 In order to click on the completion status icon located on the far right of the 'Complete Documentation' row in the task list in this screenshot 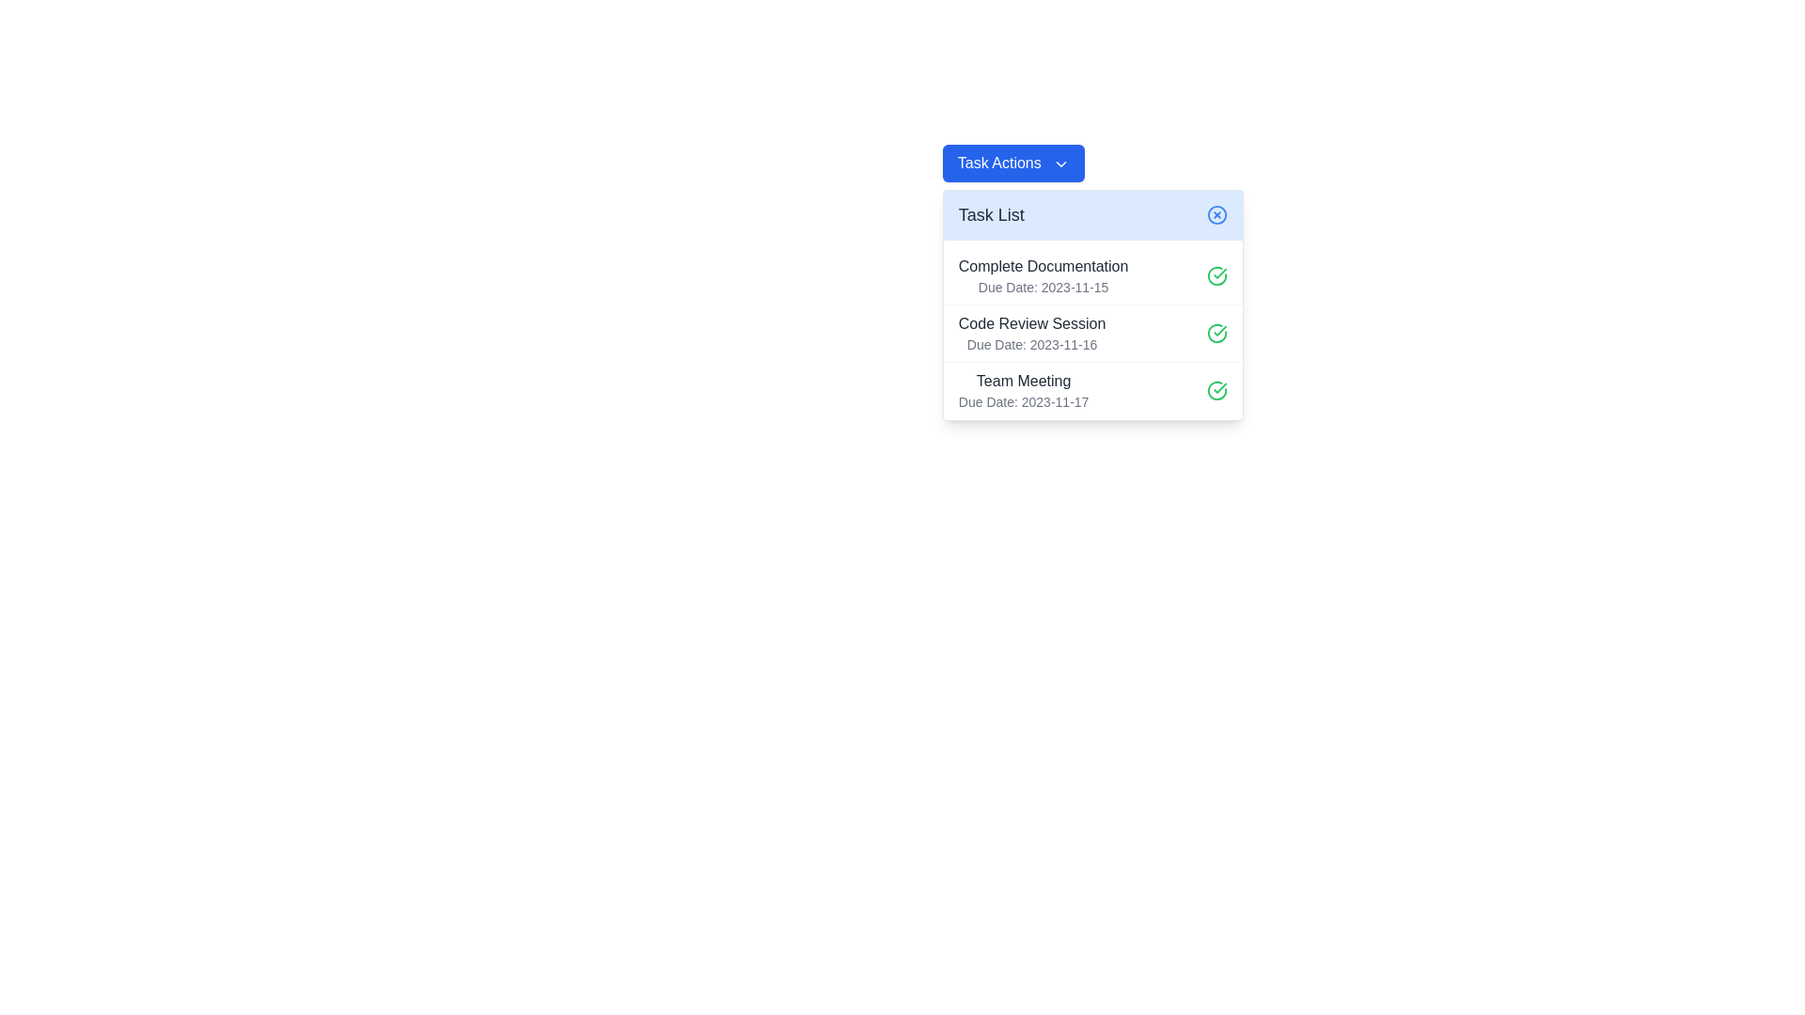, I will do `click(1216, 275)`.